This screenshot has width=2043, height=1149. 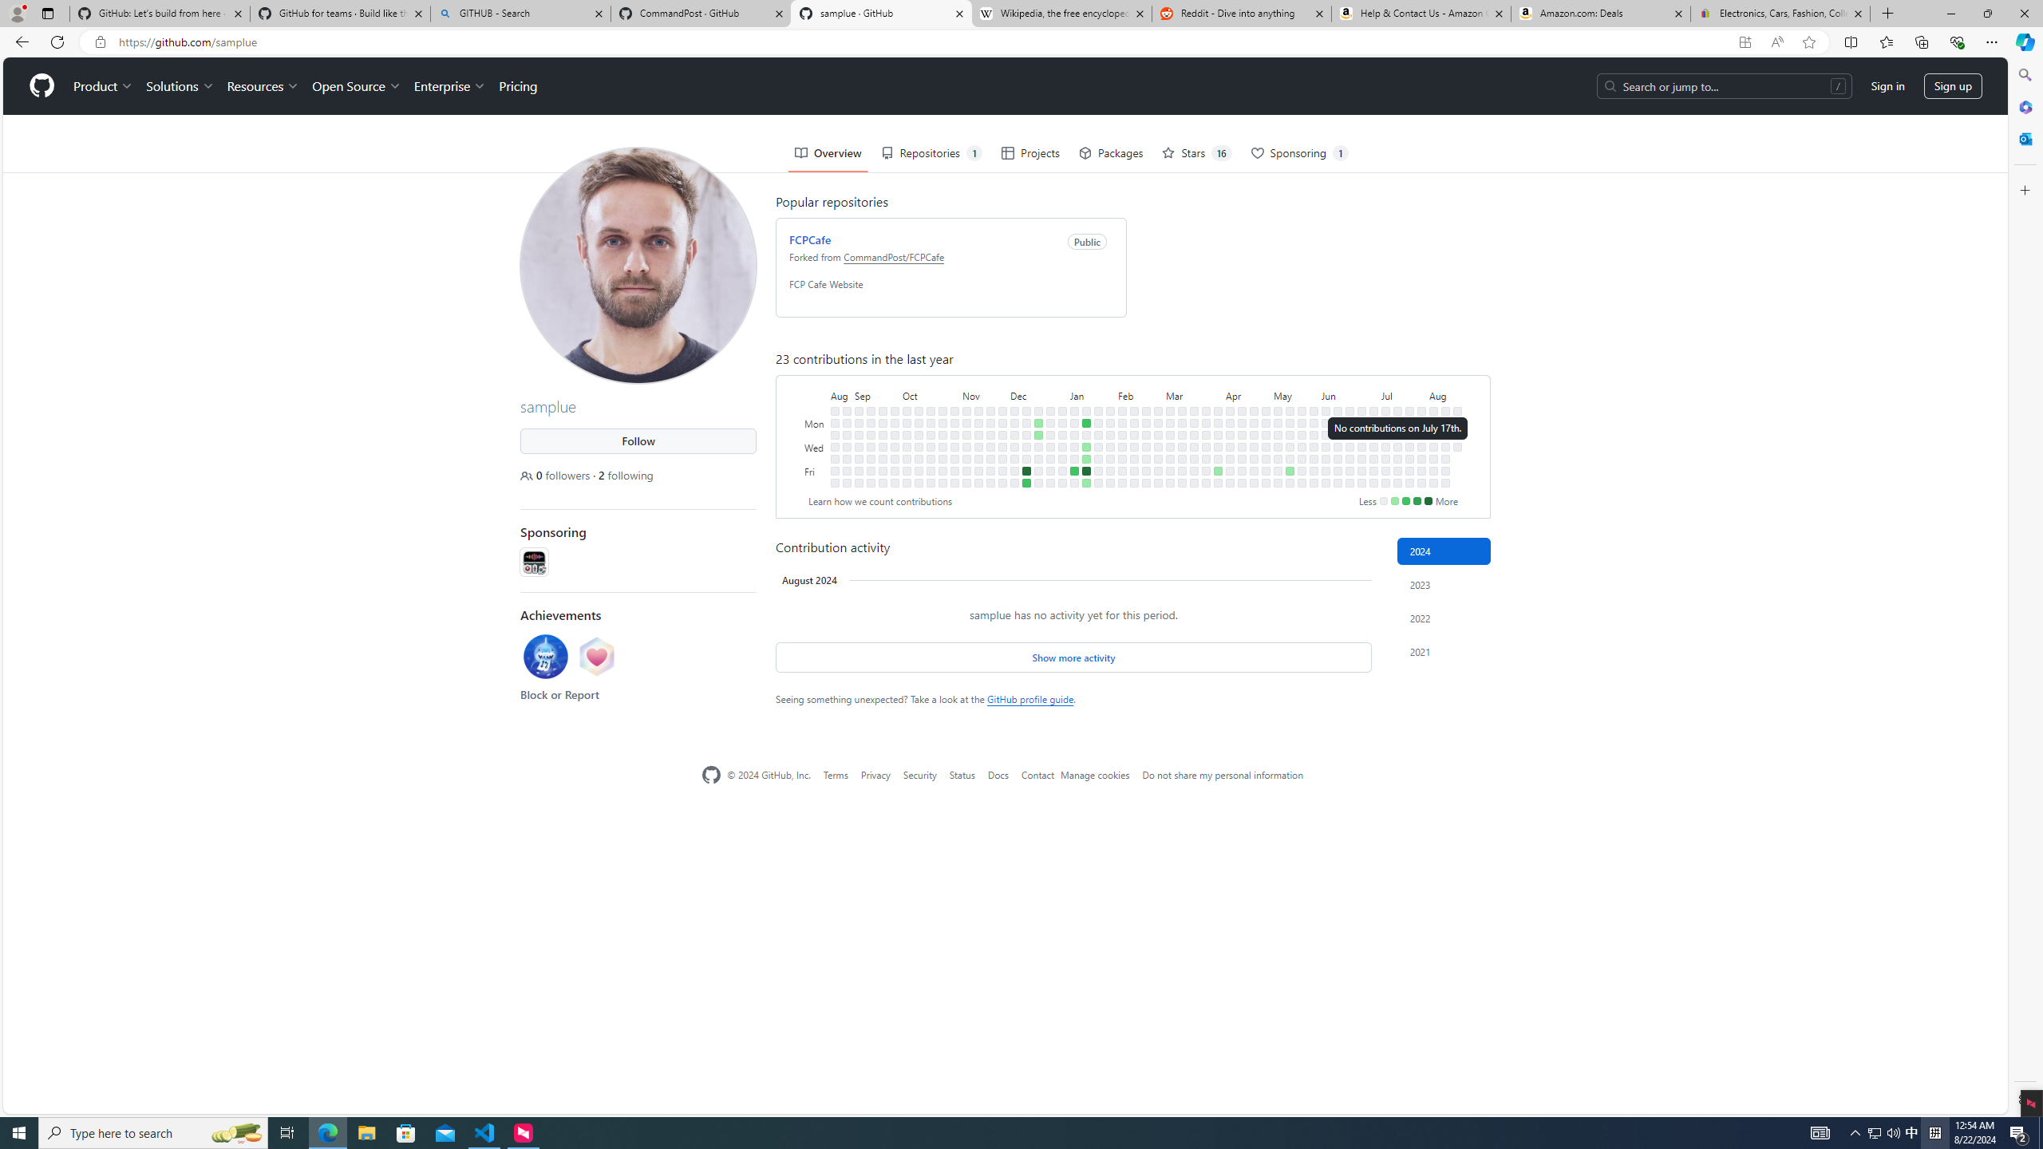 I want to click on 'No contributions on February 1st.', so click(x=1109, y=458).